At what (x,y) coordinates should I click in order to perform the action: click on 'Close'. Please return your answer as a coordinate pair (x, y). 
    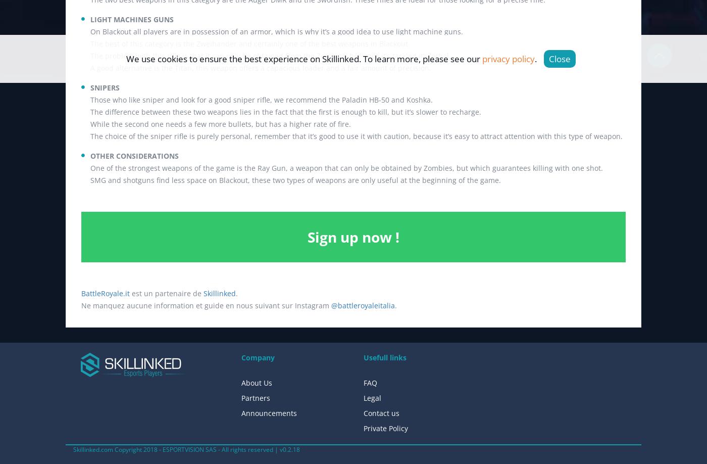
    Looking at the image, I should click on (560, 58).